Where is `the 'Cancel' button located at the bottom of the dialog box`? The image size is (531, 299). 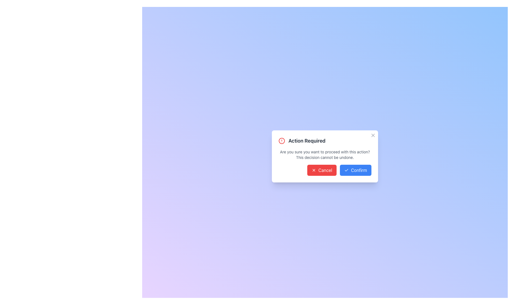 the 'Cancel' button located at the bottom of the dialog box is located at coordinates (325, 170).